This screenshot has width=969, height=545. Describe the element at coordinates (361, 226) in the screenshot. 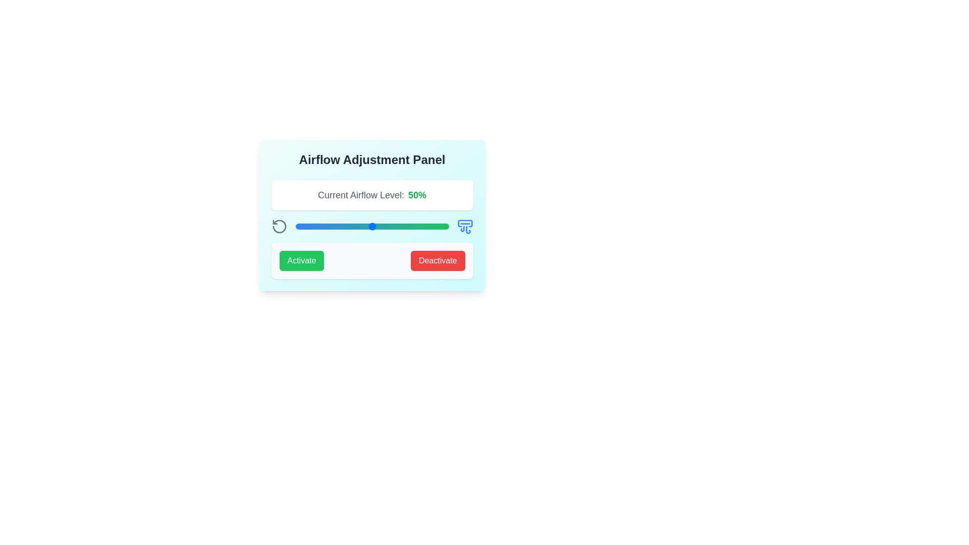

I see `the airflow level to 43% by moving the slider` at that location.